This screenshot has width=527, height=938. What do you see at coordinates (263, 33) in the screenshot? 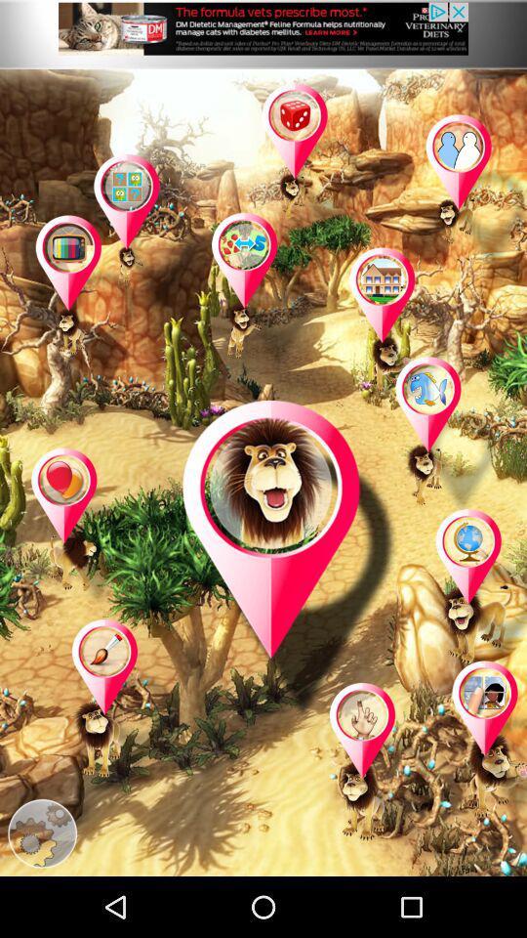
I see `advertisement page` at bounding box center [263, 33].